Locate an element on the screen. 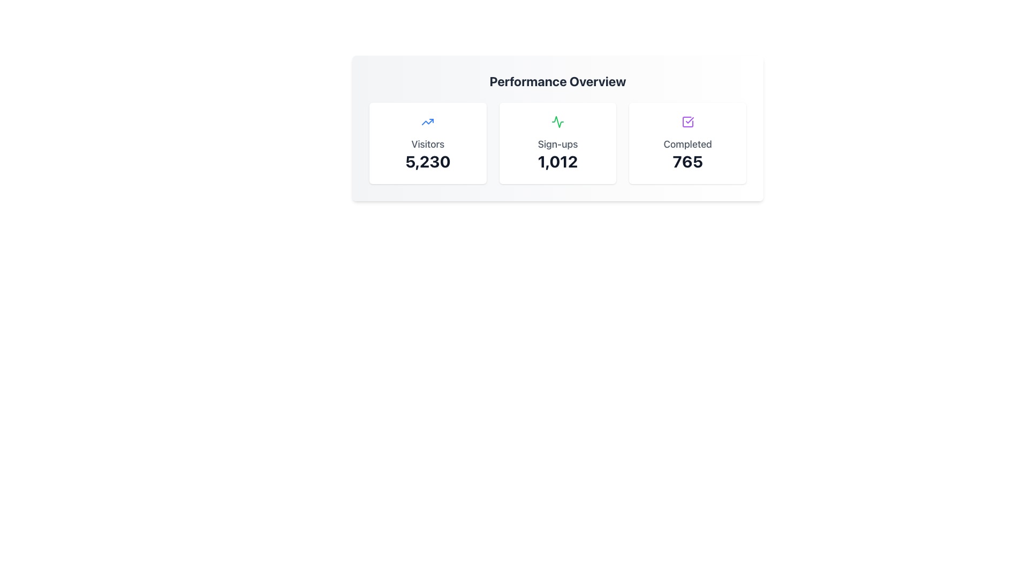  the purple outlined square SVG element located to the left of the checkmark symbol in the 'Completed' statistics card of the Performance Overview section is located at coordinates (687, 121).